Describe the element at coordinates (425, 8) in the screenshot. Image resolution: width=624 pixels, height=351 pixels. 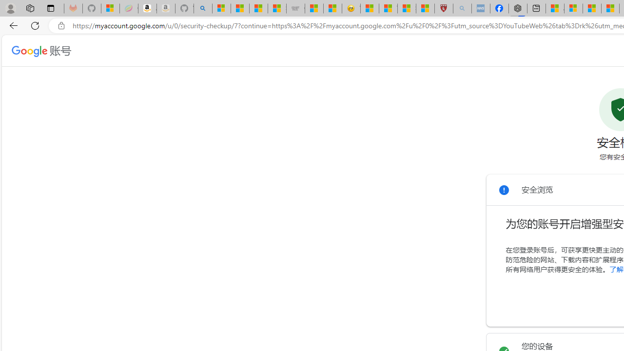
I see `'12 Popular Science Lies that Must be Corrected'` at that location.